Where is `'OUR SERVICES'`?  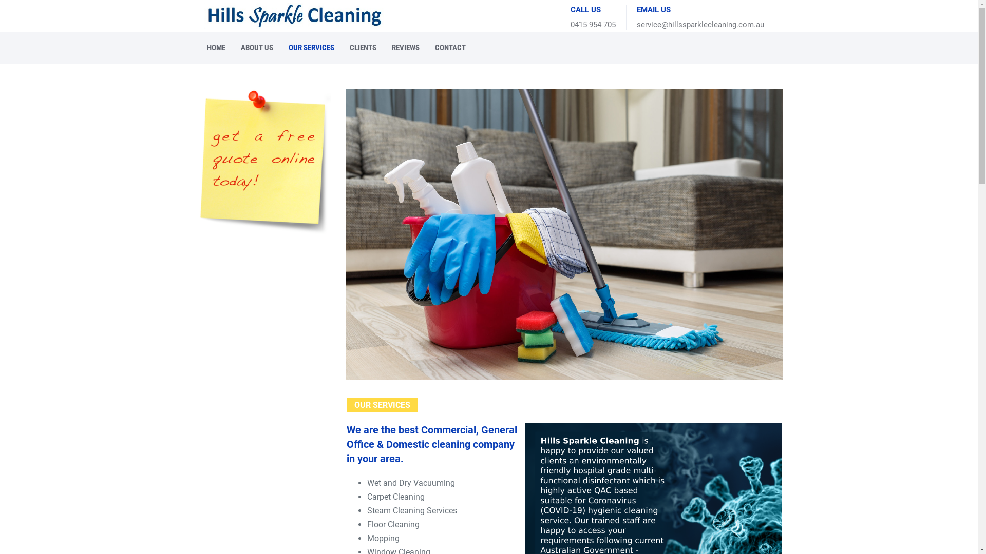 'OUR SERVICES' is located at coordinates (286, 47).